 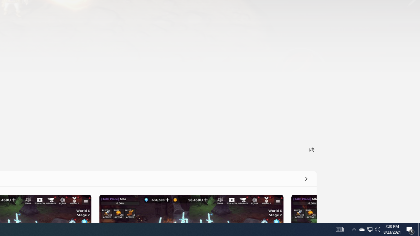 I want to click on 'Screenshot 4', so click(x=303, y=208).